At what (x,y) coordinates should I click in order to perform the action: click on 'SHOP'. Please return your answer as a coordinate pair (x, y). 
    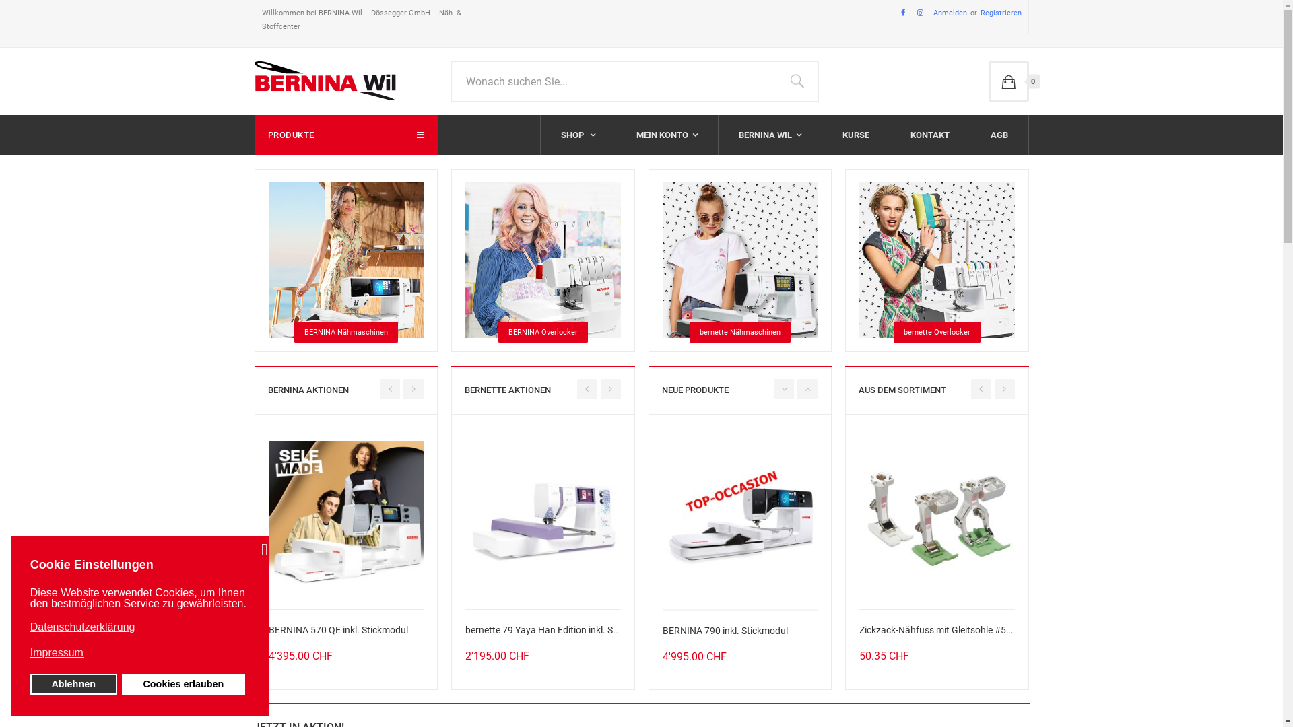
    Looking at the image, I should click on (577, 135).